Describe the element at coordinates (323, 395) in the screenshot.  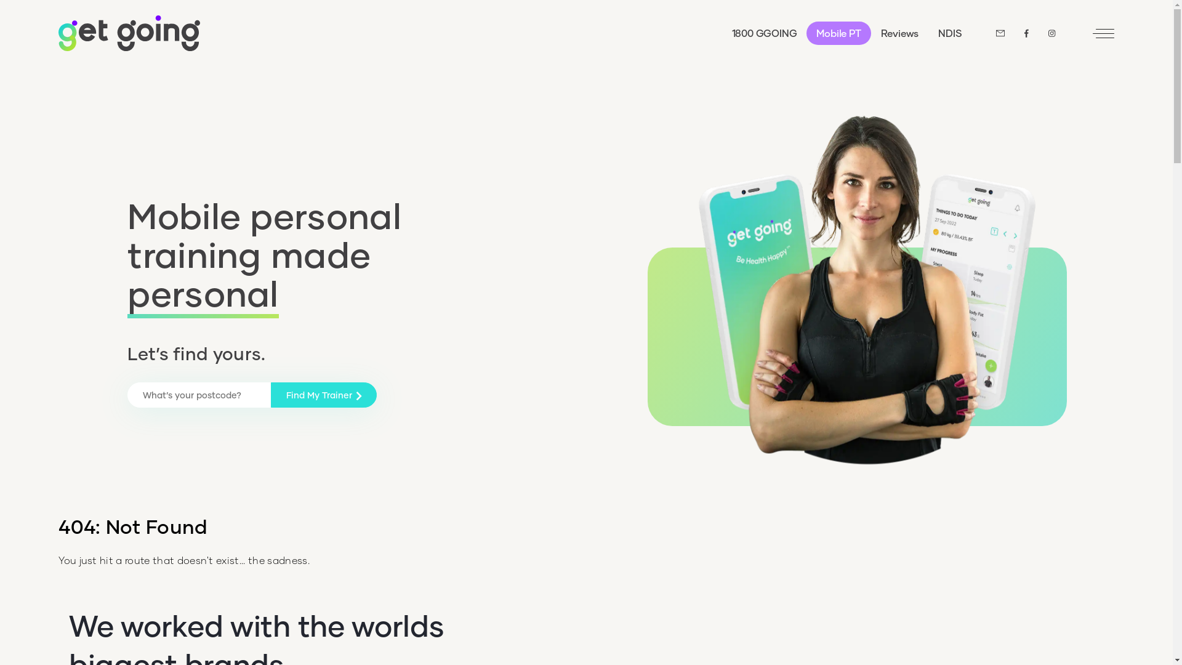
I see `'Find My Trainer'` at that location.